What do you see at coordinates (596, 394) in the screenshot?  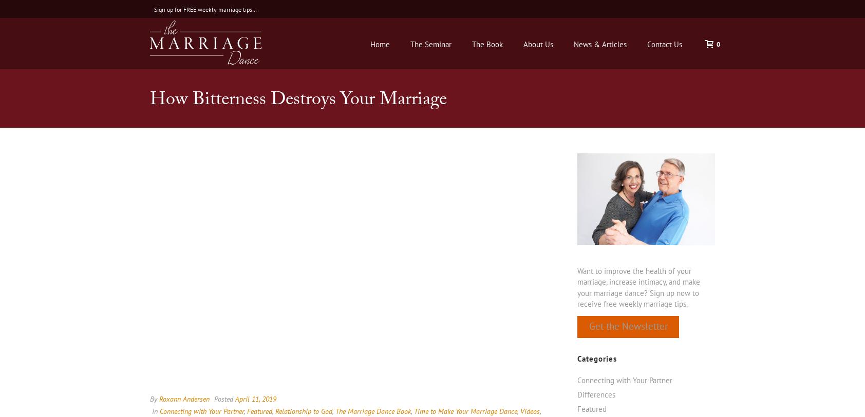 I see `'Differences'` at bounding box center [596, 394].